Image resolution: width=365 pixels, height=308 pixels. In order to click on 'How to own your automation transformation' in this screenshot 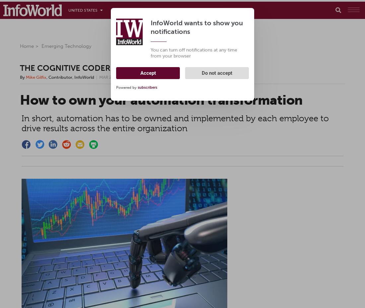, I will do `click(161, 99)`.